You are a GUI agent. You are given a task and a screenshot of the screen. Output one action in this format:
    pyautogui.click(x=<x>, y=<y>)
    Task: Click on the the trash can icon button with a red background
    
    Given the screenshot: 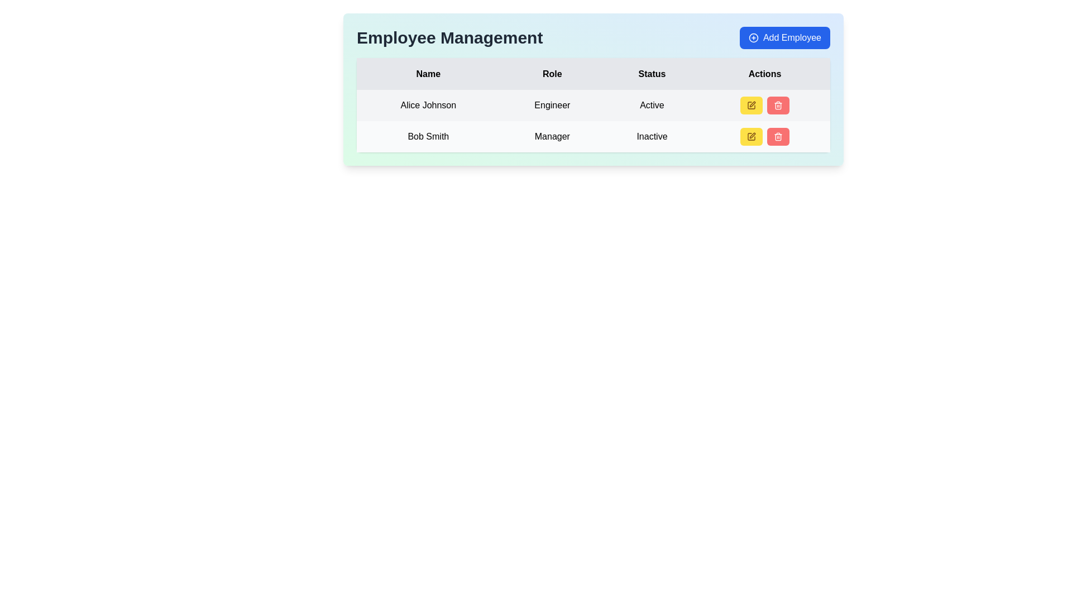 What is the action you would take?
    pyautogui.click(x=777, y=106)
    